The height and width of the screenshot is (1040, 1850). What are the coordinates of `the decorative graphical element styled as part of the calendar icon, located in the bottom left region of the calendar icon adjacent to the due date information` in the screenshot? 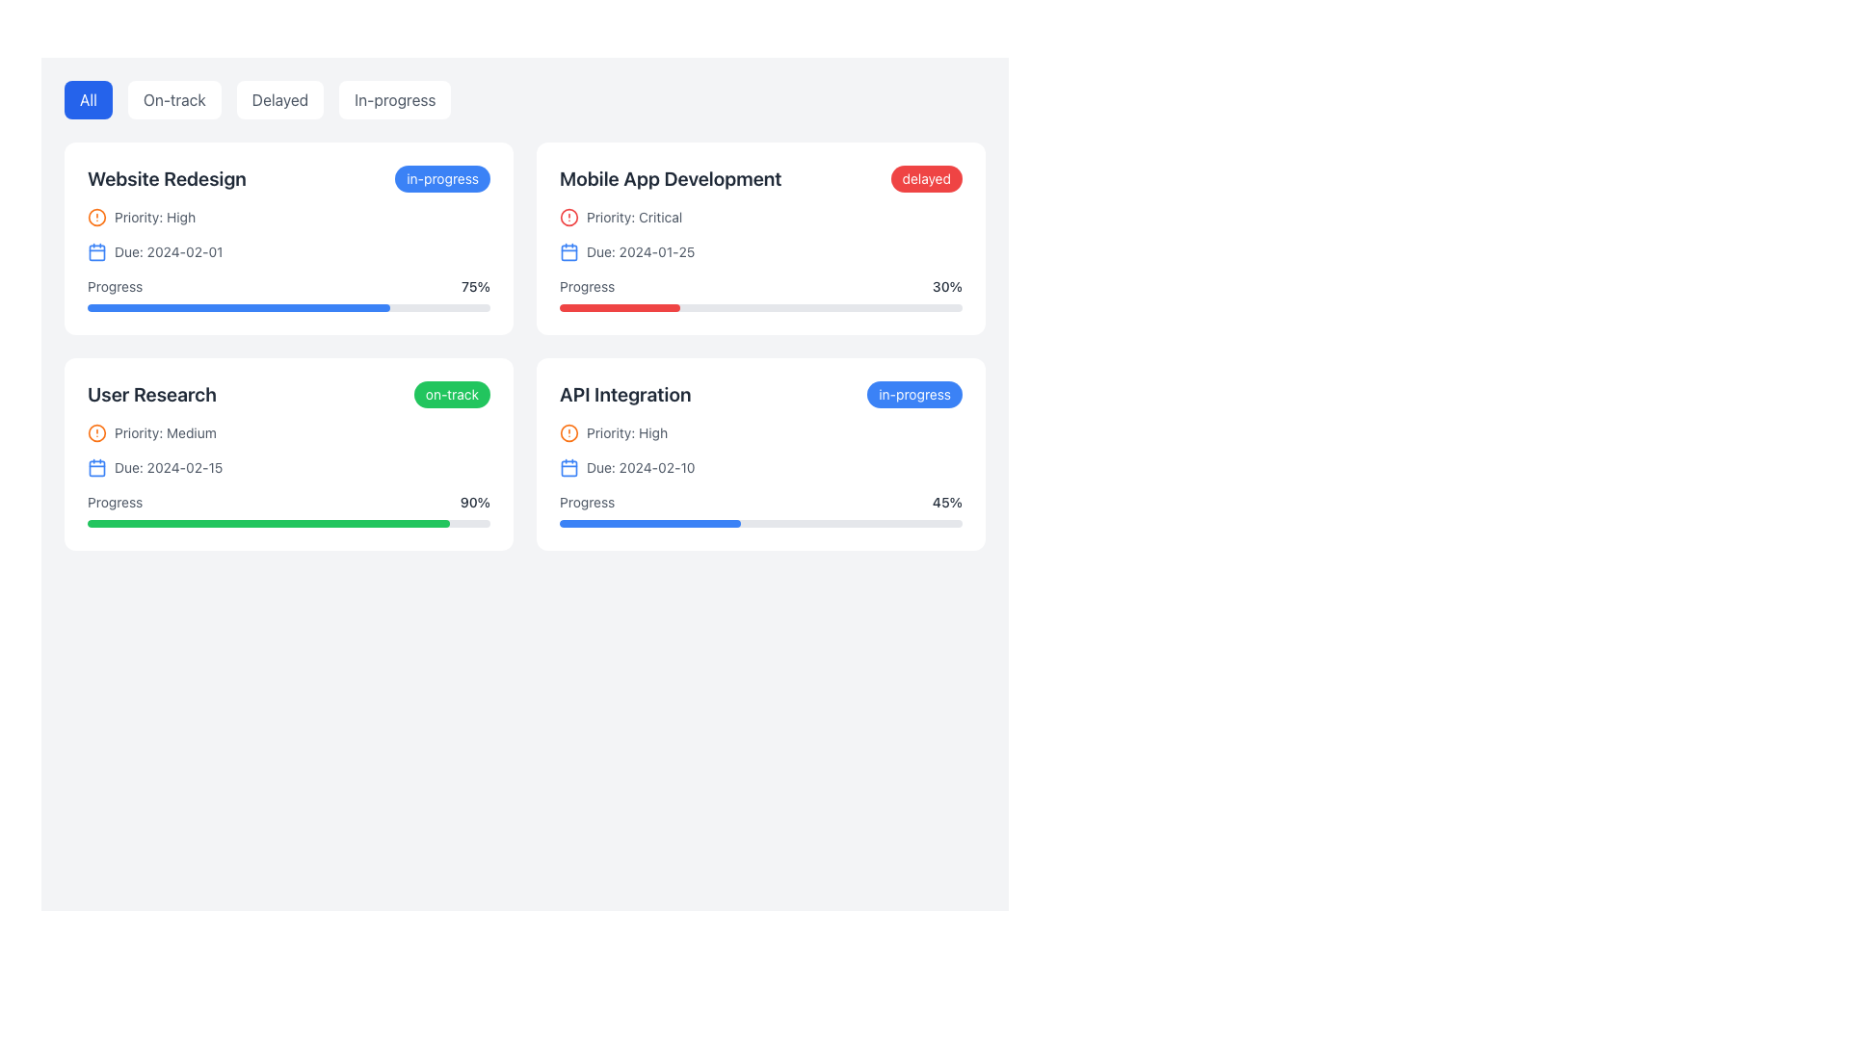 It's located at (95, 468).